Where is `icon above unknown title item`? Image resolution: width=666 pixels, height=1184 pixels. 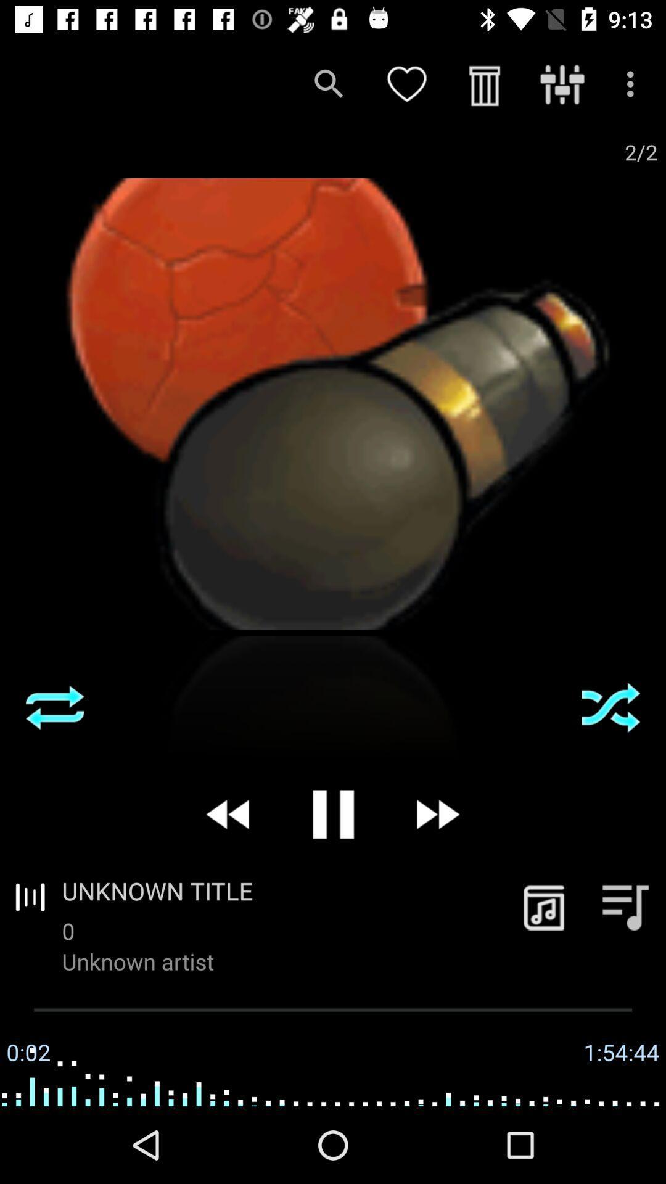 icon above unknown title item is located at coordinates (436, 814).